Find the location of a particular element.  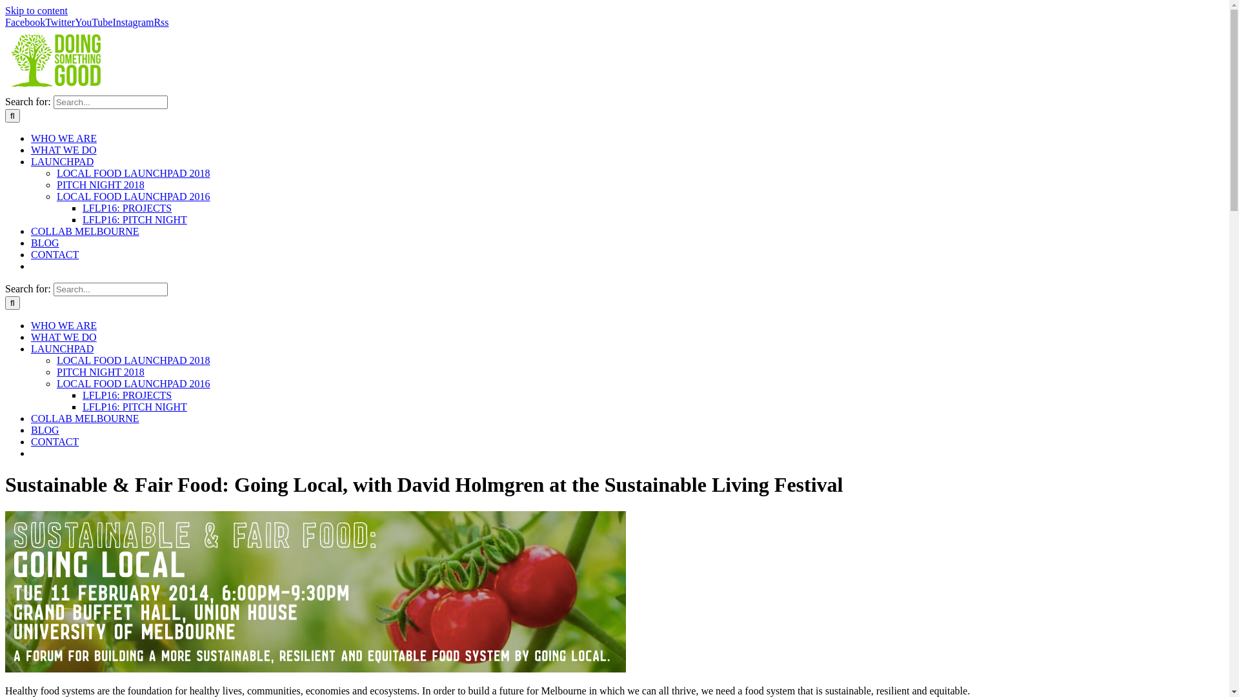

'PITCH NIGHT 2018' is located at coordinates (100, 372).